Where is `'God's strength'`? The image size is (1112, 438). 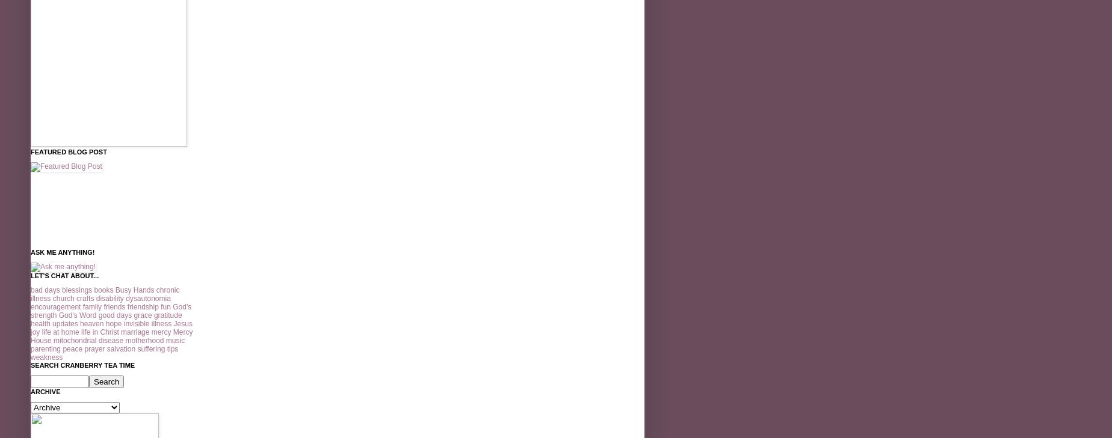
'God's strength' is located at coordinates (111, 311).